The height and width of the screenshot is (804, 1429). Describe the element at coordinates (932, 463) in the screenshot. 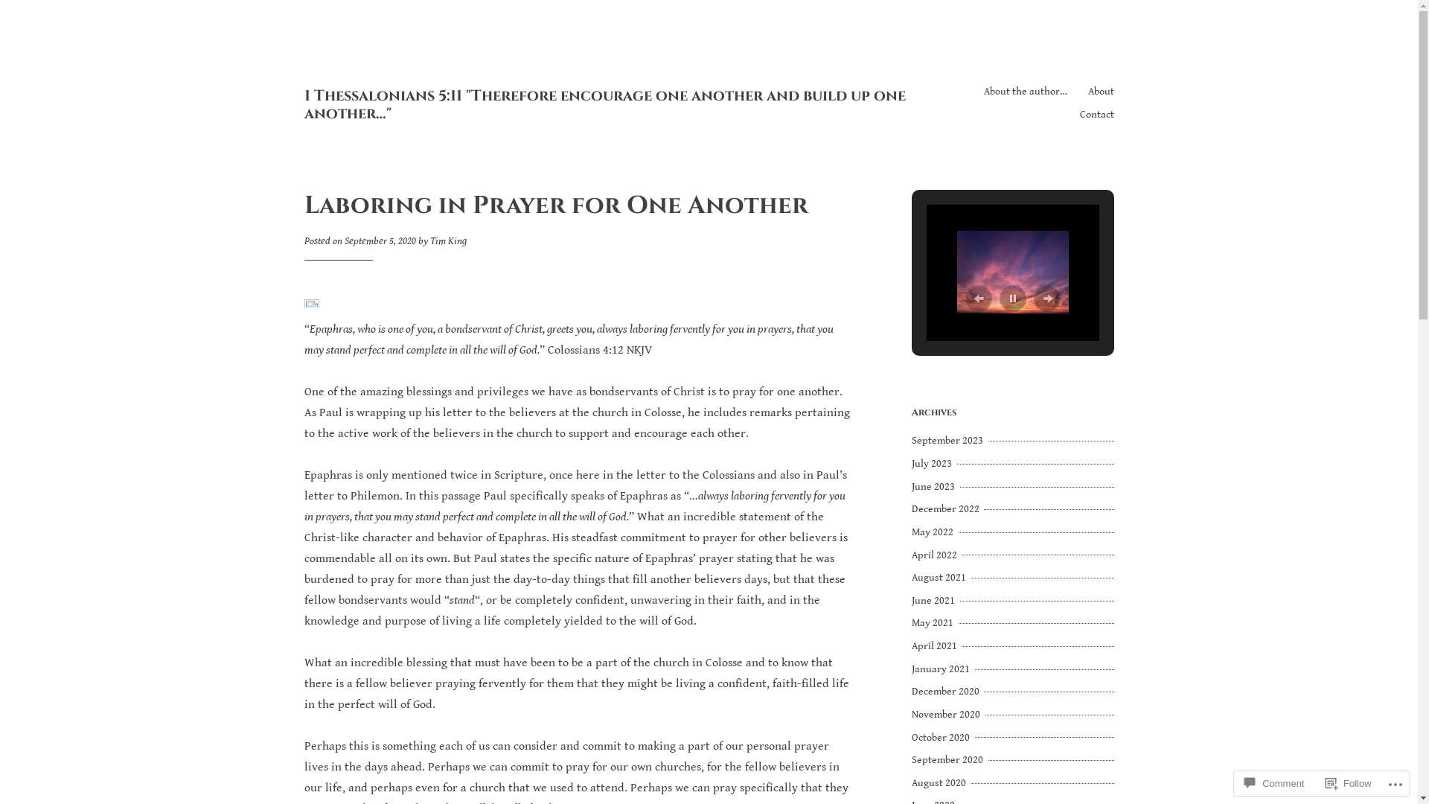

I see `'July 2023'` at that location.